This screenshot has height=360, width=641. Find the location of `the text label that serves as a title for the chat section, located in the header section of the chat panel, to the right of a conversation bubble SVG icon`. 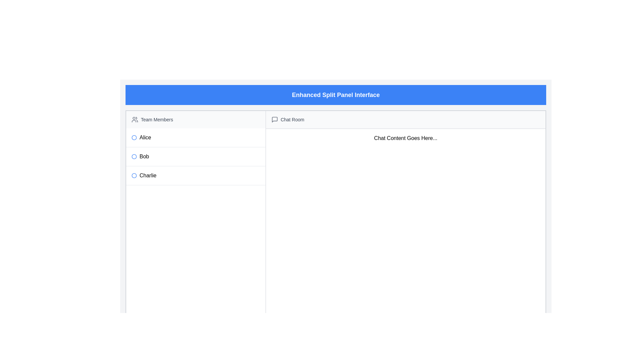

the text label that serves as a title for the chat section, located in the header section of the chat panel, to the right of a conversation bubble SVG icon is located at coordinates (292, 119).